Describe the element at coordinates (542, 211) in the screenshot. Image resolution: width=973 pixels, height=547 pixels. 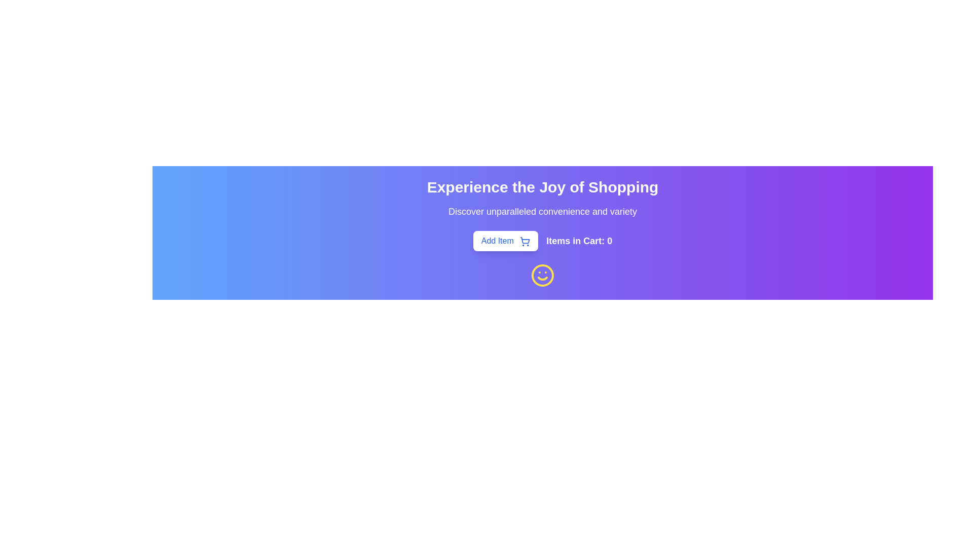
I see `the text element that conveys a key descriptive message about the platform's offerings, located below the main heading 'Experience the Joy of Shopping'` at that location.